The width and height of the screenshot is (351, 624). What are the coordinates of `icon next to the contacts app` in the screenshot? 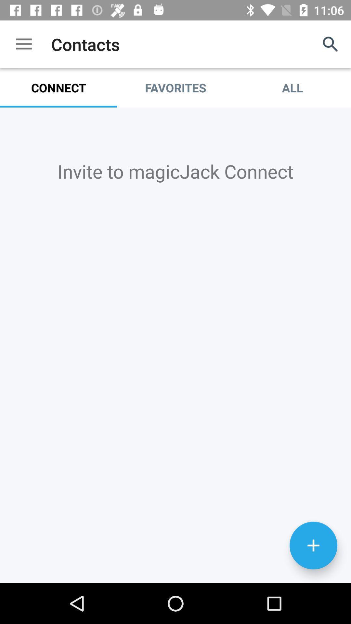 It's located at (23, 44).